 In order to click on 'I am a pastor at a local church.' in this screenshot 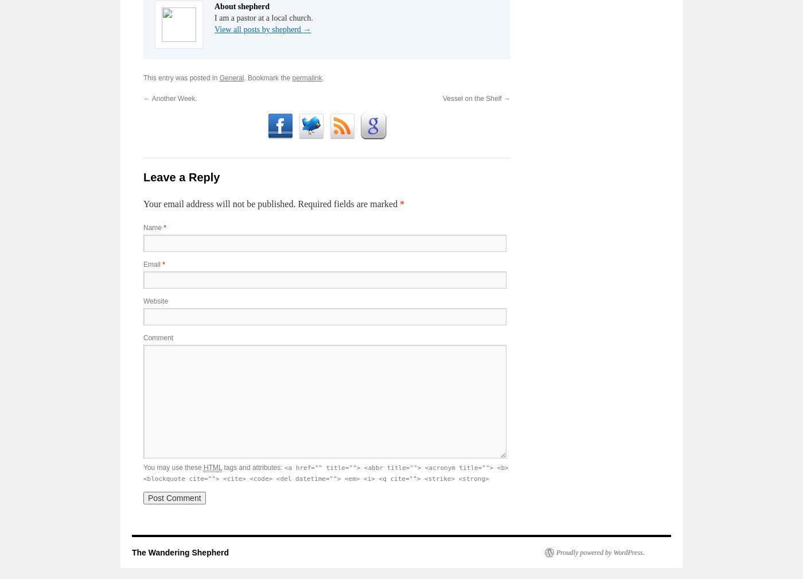, I will do `click(263, 17)`.